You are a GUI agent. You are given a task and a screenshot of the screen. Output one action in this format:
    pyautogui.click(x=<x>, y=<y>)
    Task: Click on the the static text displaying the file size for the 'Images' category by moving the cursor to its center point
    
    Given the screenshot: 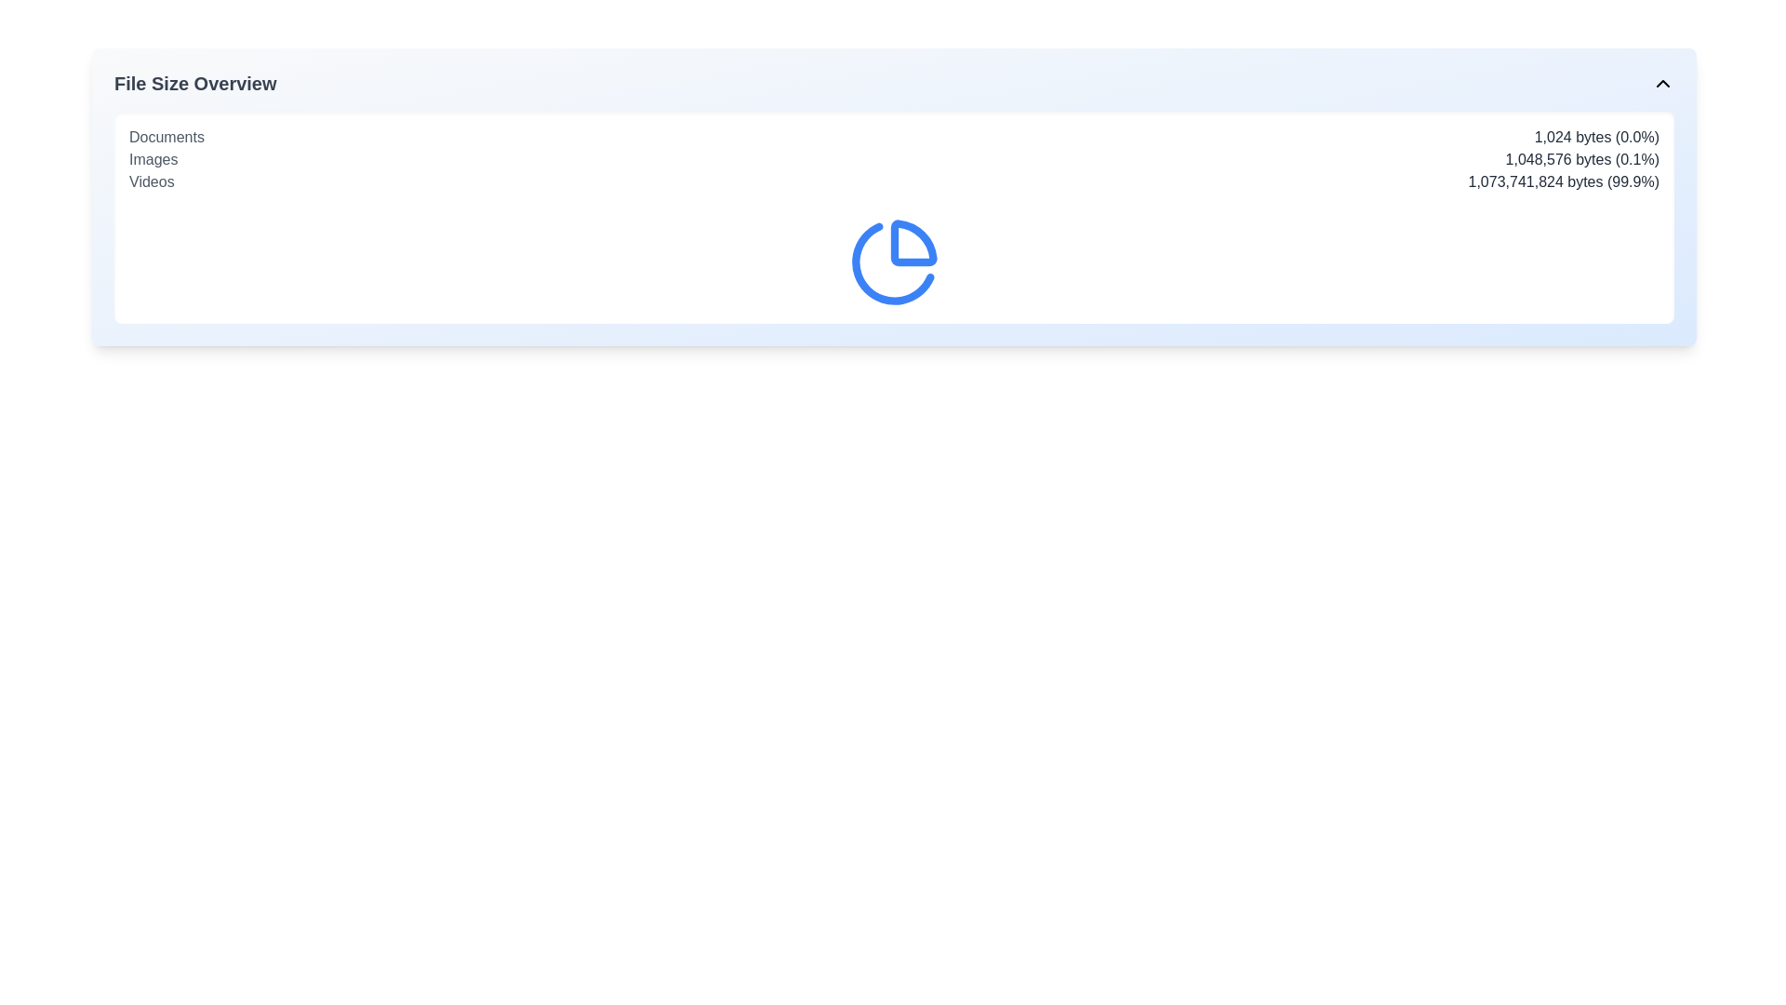 What is the action you would take?
    pyautogui.click(x=1581, y=159)
    